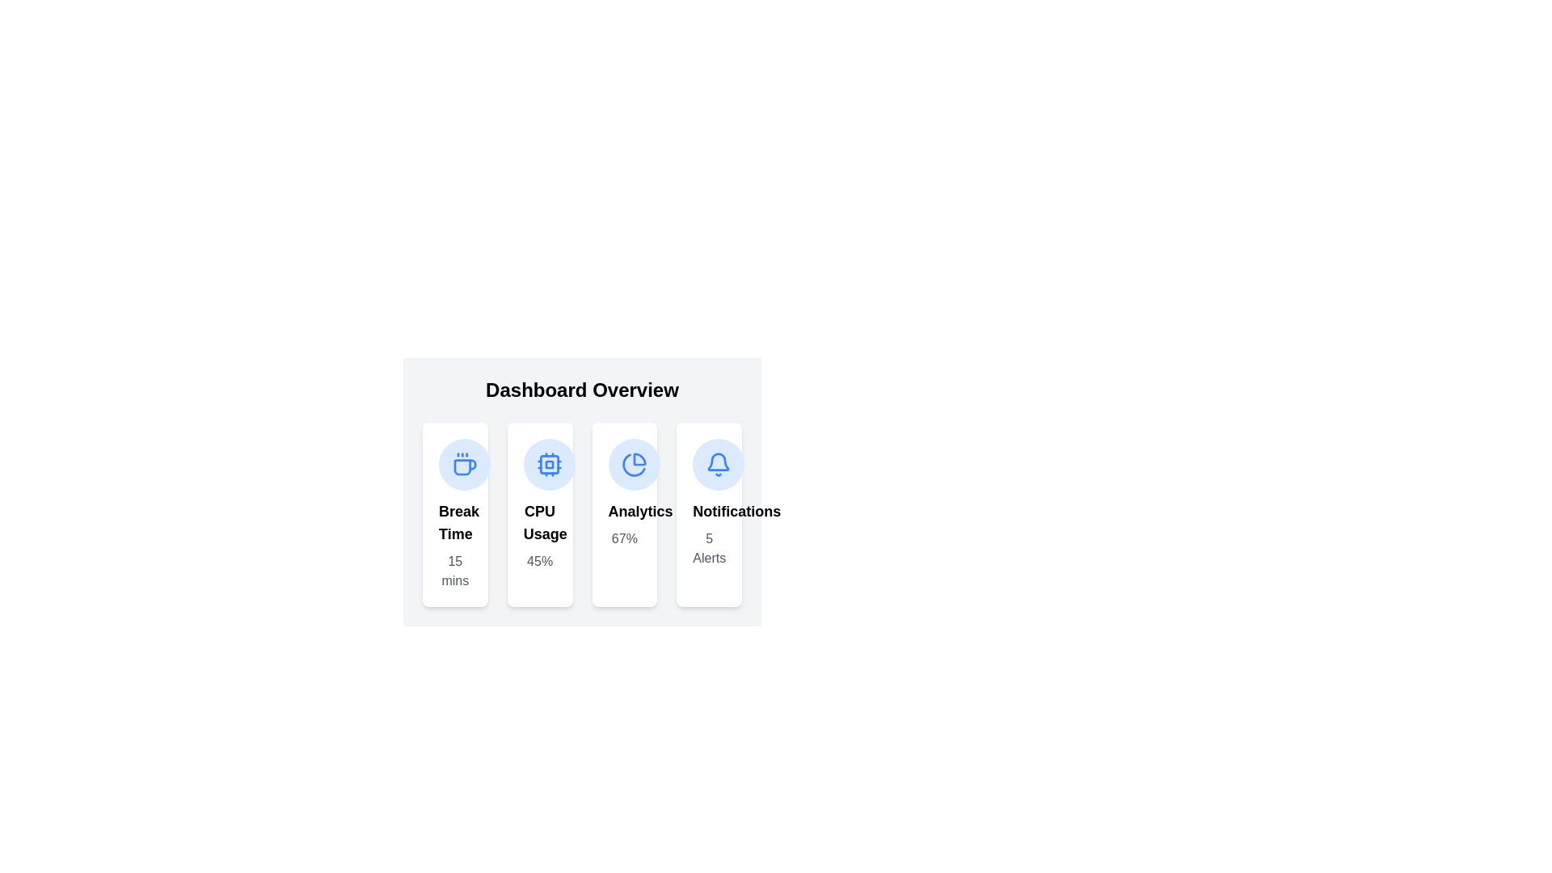 Image resolution: width=1552 pixels, height=873 pixels. I want to click on the bold 'Notifications' text label located in the fourth column under the 'Dashboard Overview' section, positioned above '5 Alerts', so click(709, 511).